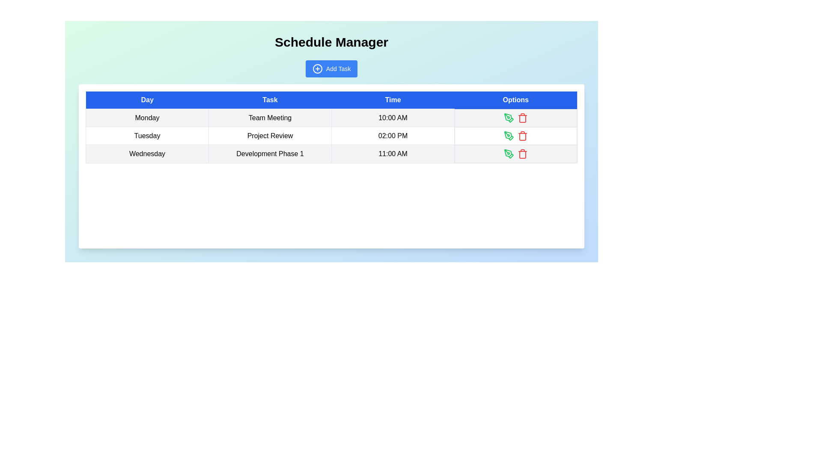 Image resolution: width=822 pixels, height=462 pixels. What do you see at coordinates (509, 135) in the screenshot?
I see `the edit icon for the task in the Options column corresponding to Project Review` at bounding box center [509, 135].